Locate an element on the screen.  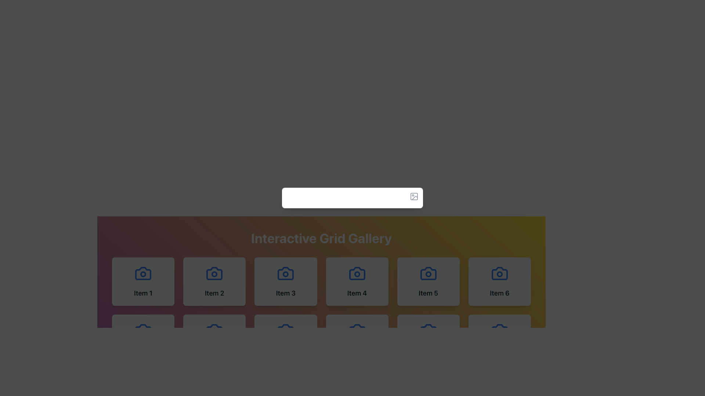
the small filled circle indicator centered inside the camera icon located in the third position from the left in the first row, directly above 'Item 3' is located at coordinates (285, 274).